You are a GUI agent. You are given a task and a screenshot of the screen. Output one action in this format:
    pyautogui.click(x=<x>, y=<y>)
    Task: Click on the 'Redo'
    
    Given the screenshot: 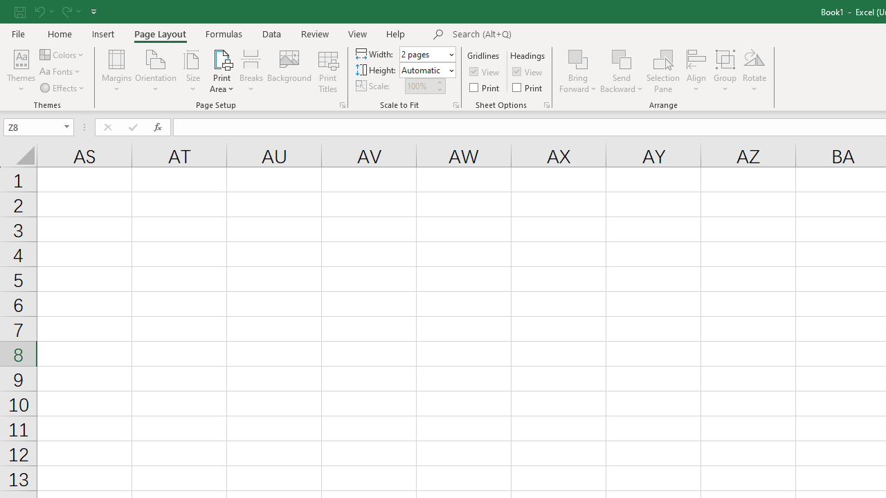 What is the action you would take?
    pyautogui.click(x=70, y=11)
    